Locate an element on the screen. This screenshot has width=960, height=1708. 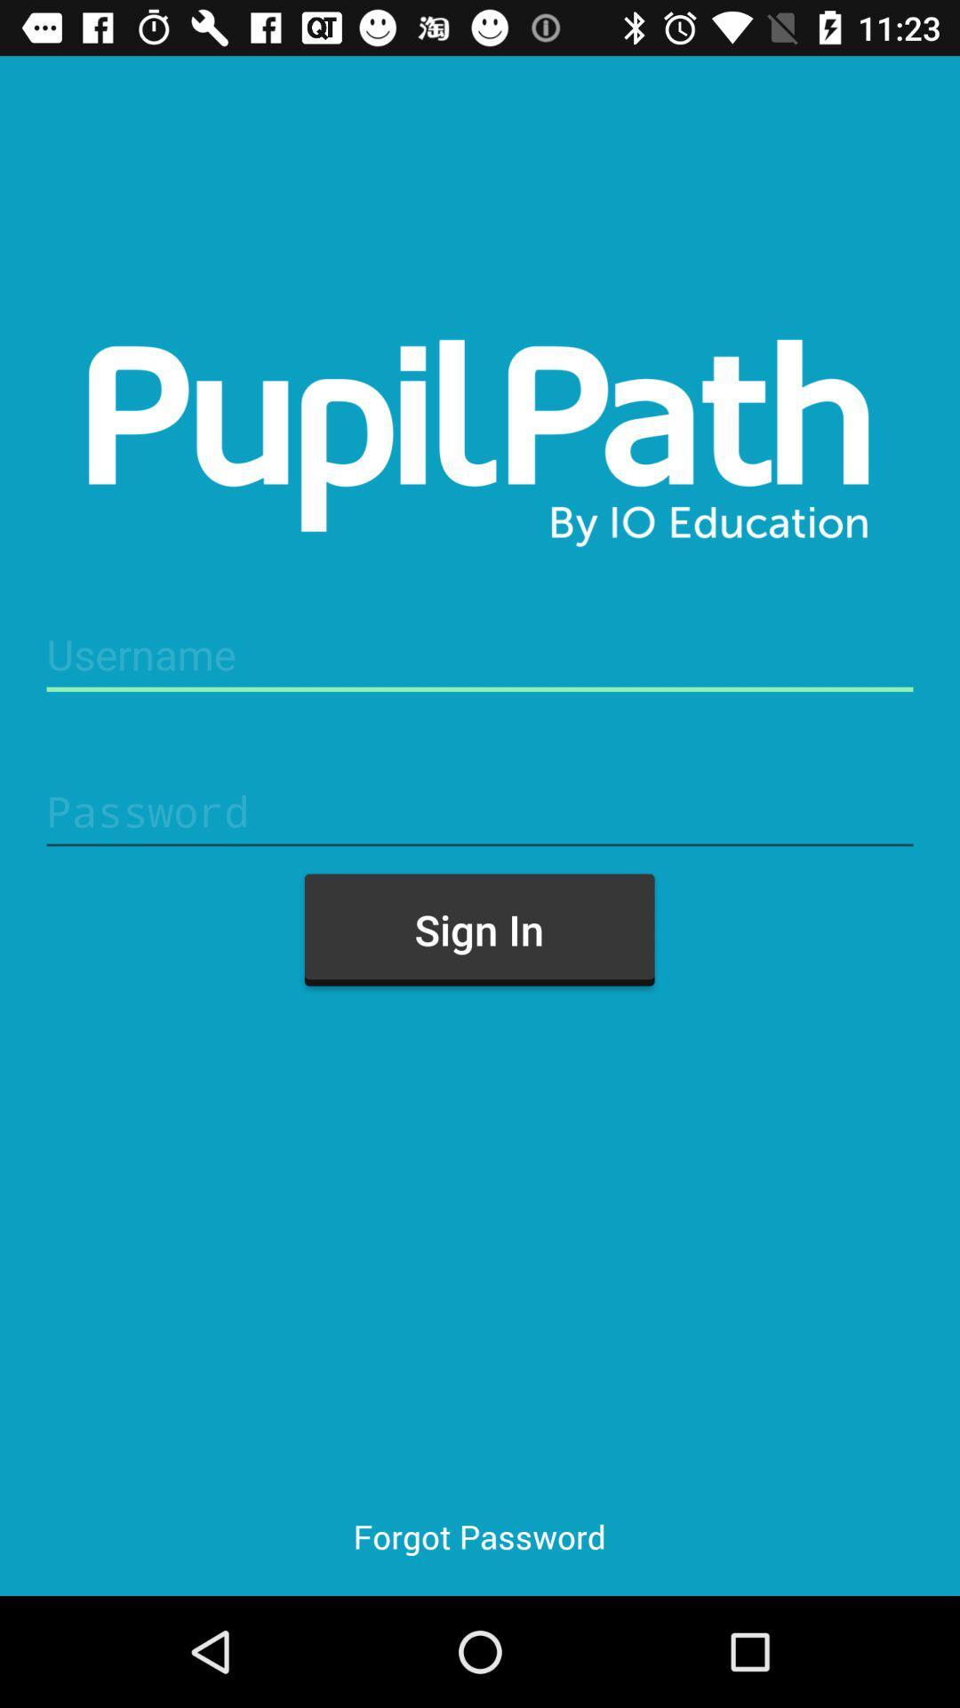
sign in is located at coordinates (478, 929).